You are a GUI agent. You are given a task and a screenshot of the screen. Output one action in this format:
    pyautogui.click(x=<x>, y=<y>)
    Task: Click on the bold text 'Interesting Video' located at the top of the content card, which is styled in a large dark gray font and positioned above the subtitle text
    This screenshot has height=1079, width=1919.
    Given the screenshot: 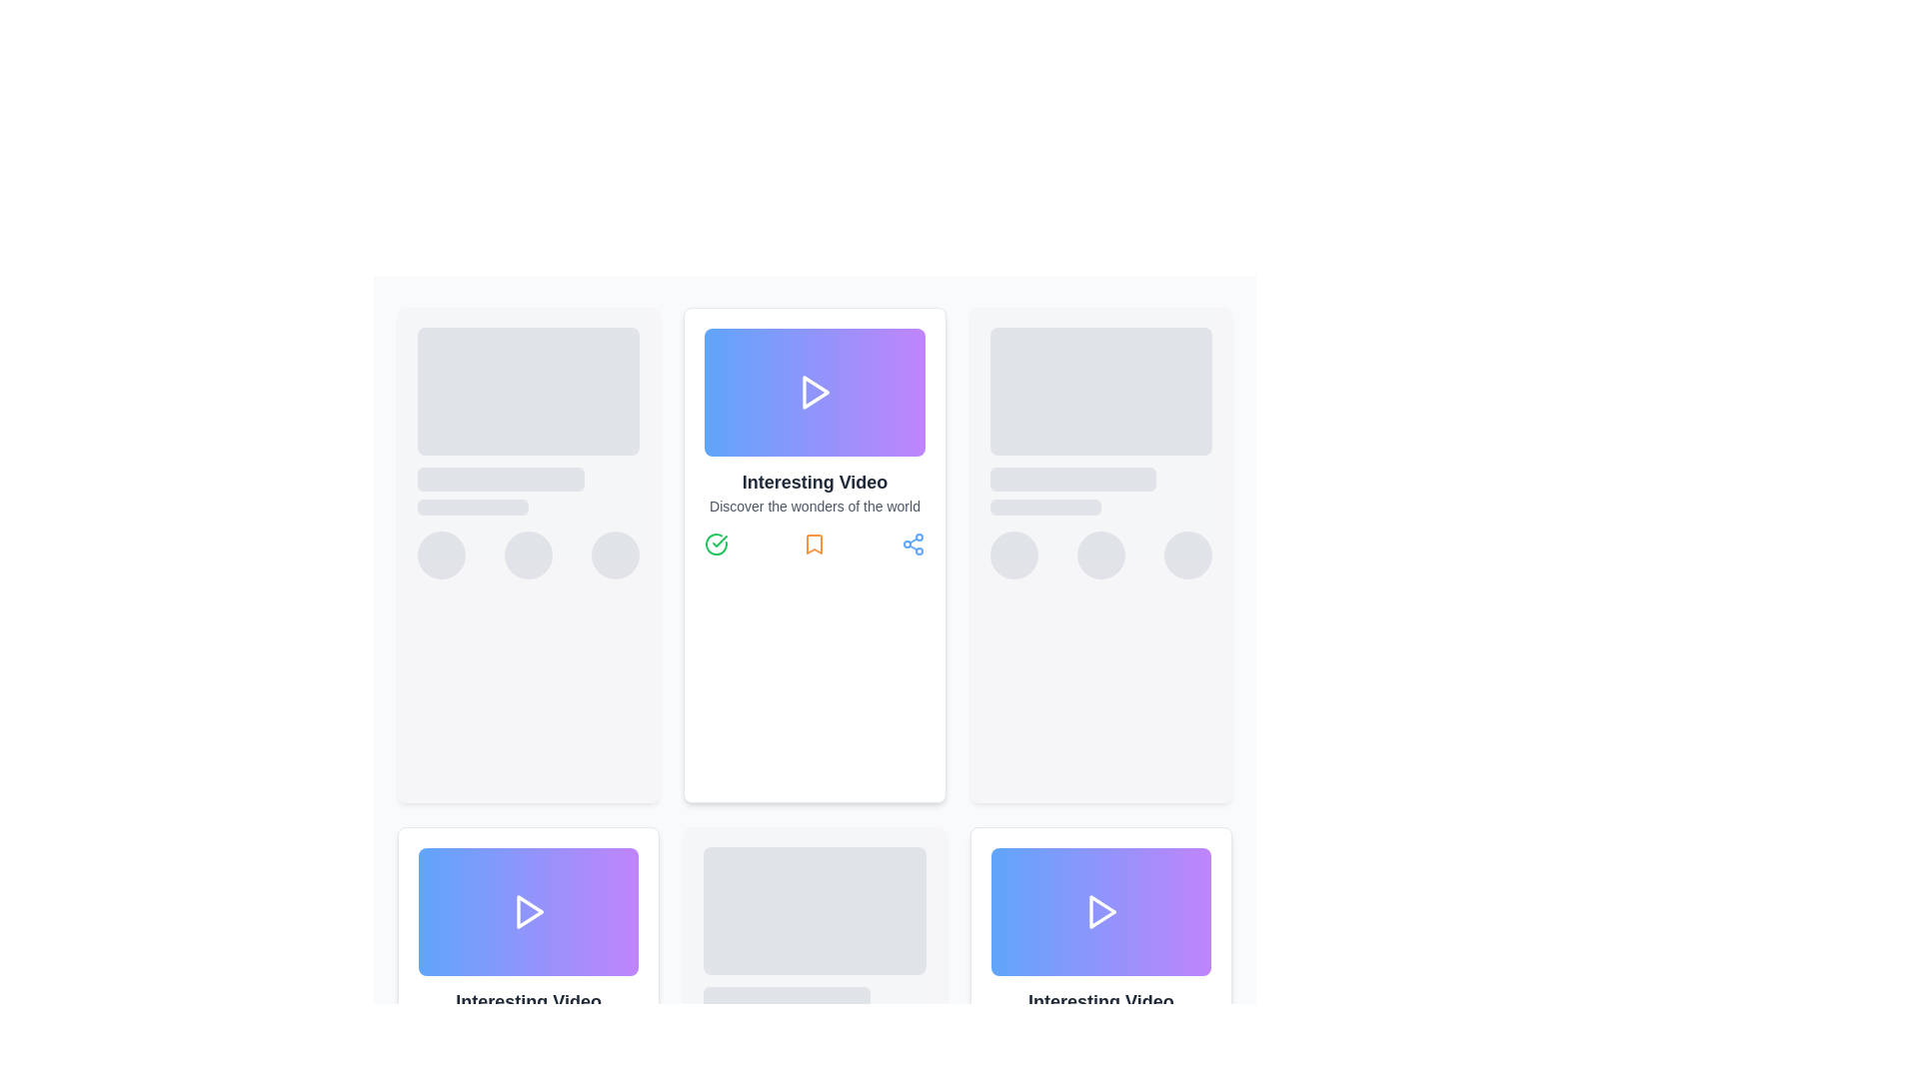 What is the action you would take?
    pyautogui.click(x=815, y=482)
    